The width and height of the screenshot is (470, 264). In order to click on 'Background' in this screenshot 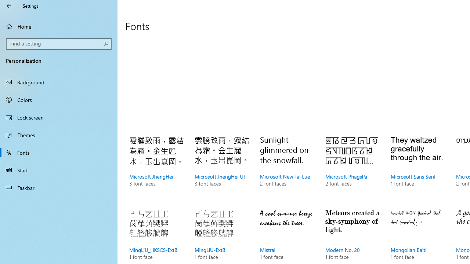, I will do `click(59, 82)`.